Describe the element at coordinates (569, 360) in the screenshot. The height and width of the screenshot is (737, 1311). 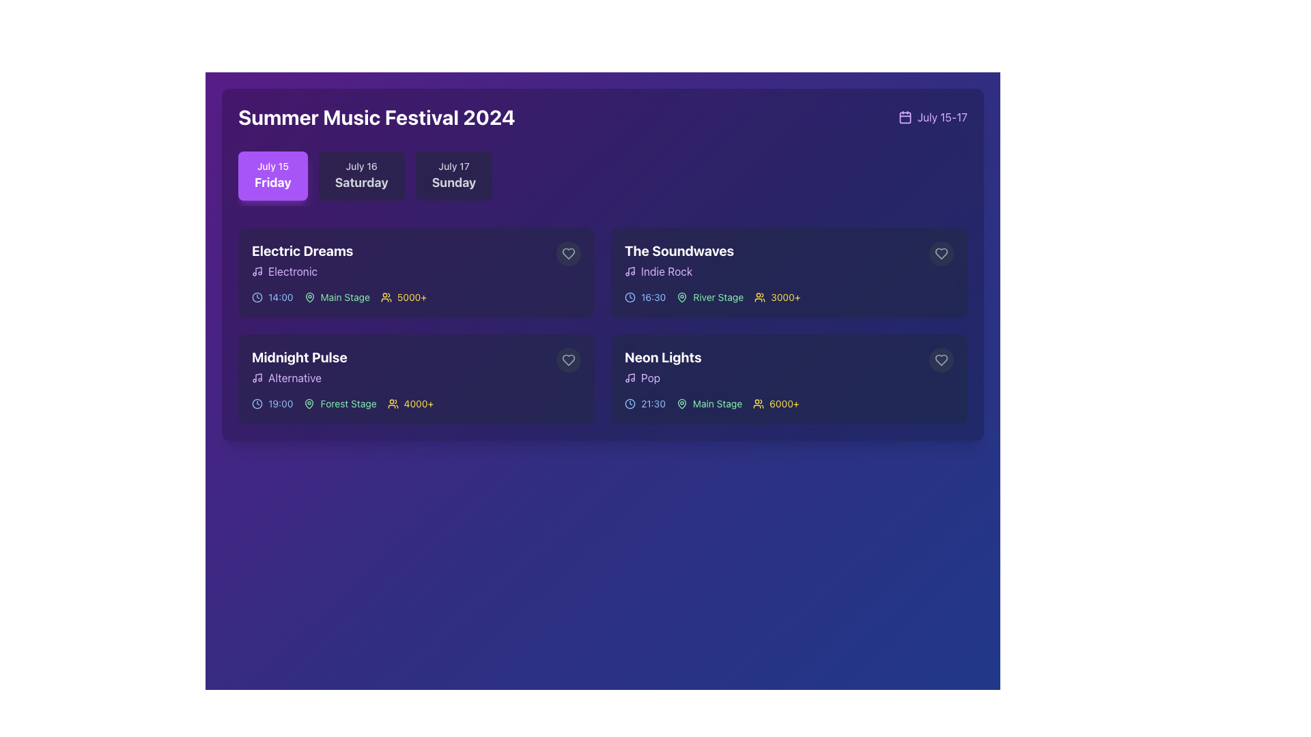
I see `the heart-shaped icon located in the lower-right corner of the 'Midnight Pulse' card` at that location.